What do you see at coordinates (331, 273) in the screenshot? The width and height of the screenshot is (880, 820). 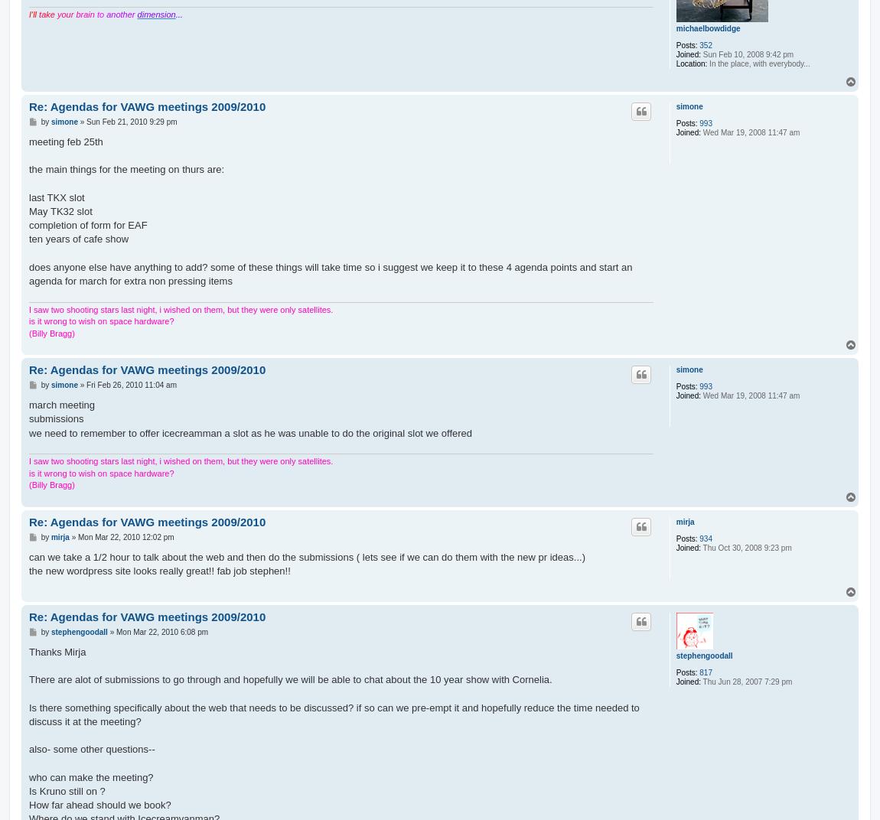 I see `'does anyone else have anything to add? some of these things will take time so i suggest we keep it to these 4 agenda points and start an agenda for march for extra non pressing items'` at bounding box center [331, 273].